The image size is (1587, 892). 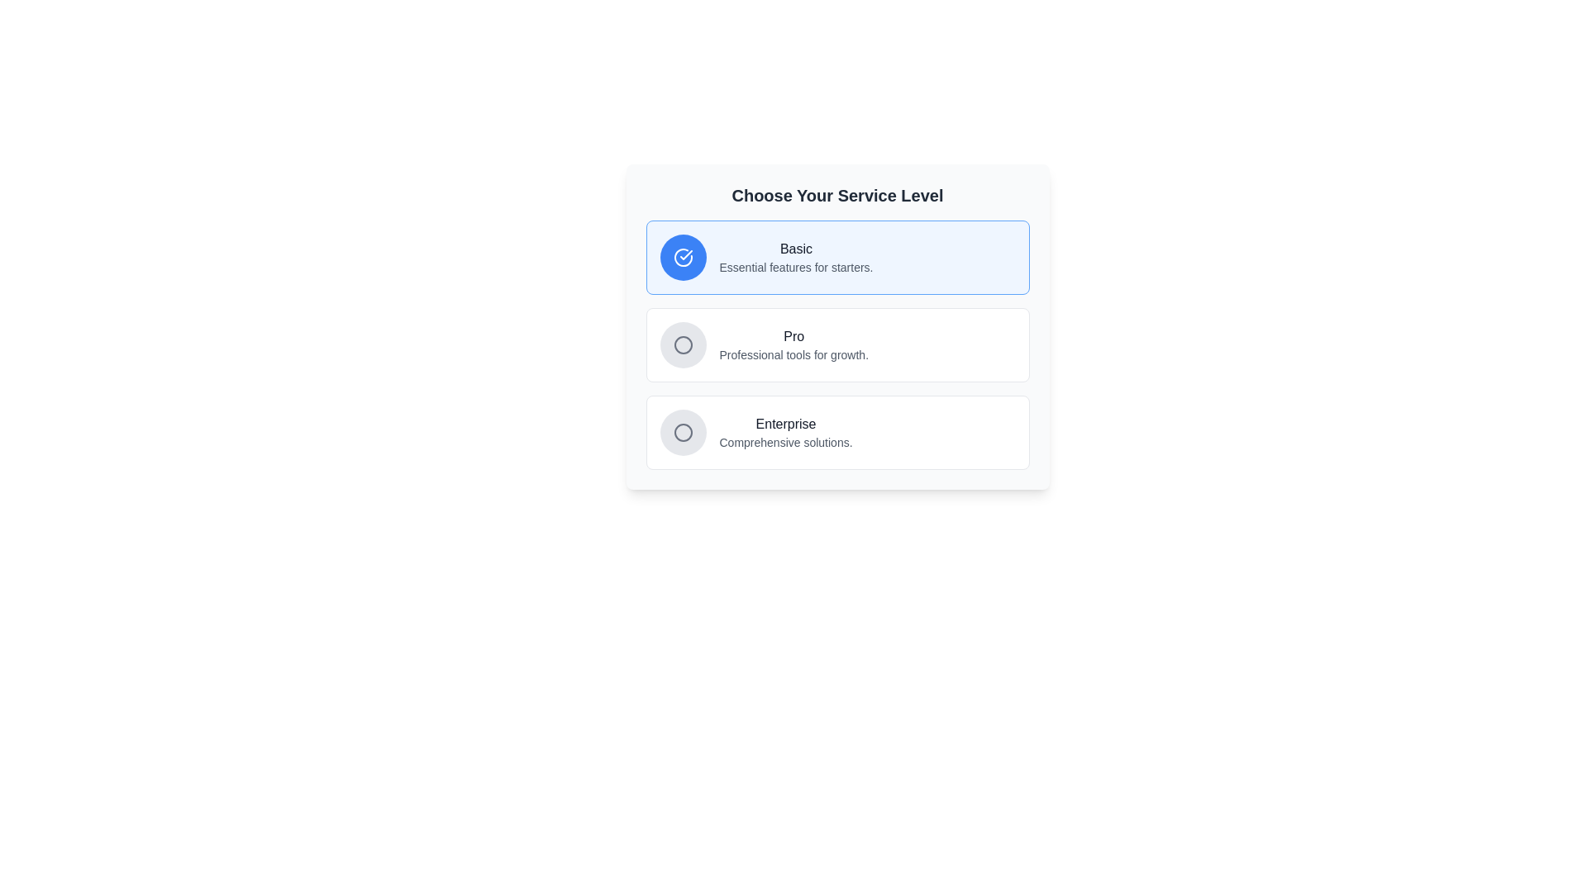 I want to click on the circular icon with a white checkmark on a blue background, located above the 'Basic' text in the service level selection, so click(x=683, y=258).